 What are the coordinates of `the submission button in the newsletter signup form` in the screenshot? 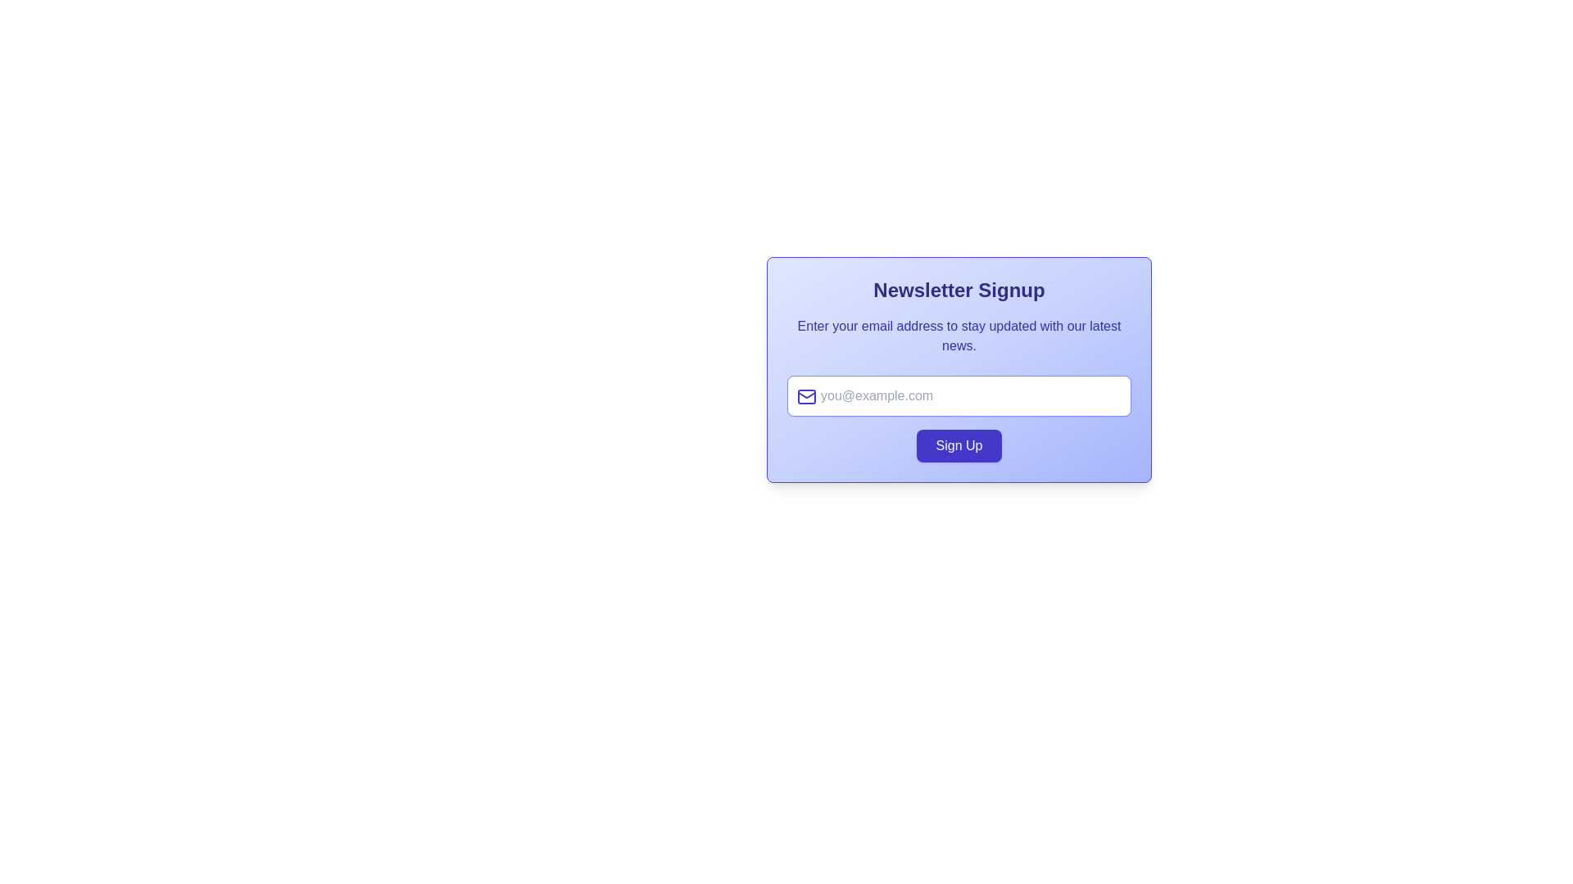 It's located at (959, 445).